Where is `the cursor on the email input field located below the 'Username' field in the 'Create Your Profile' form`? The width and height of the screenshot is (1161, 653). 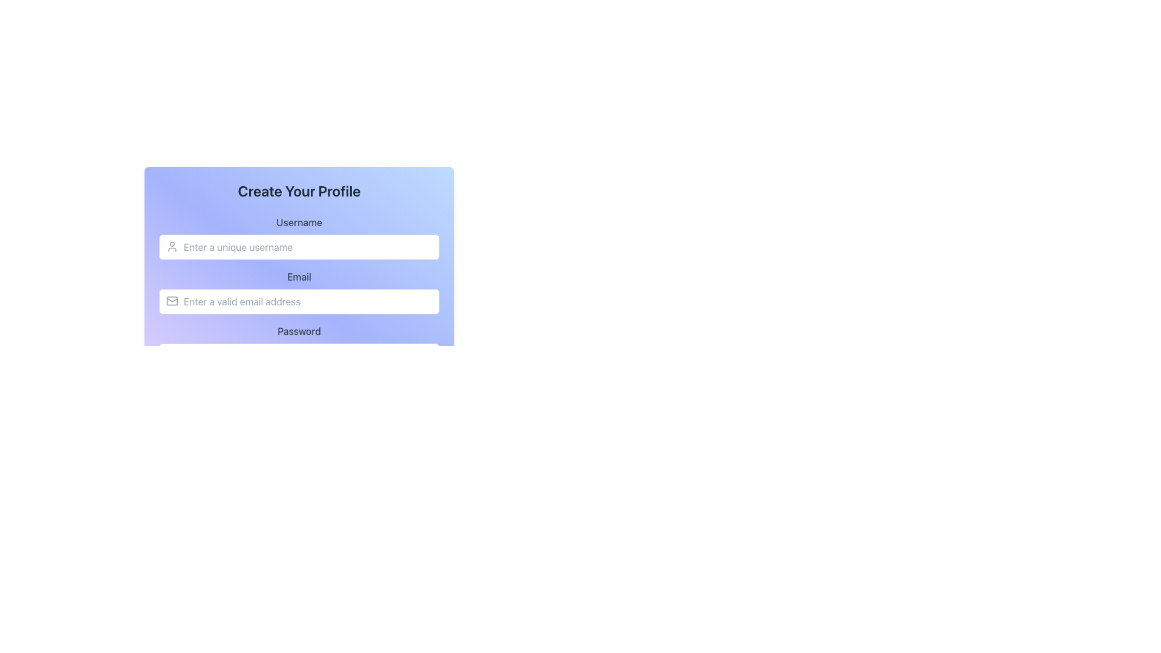
the cursor on the email input field located below the 'Username' field in the 'Create Your Profile' form is located at coordinates (299, 291).